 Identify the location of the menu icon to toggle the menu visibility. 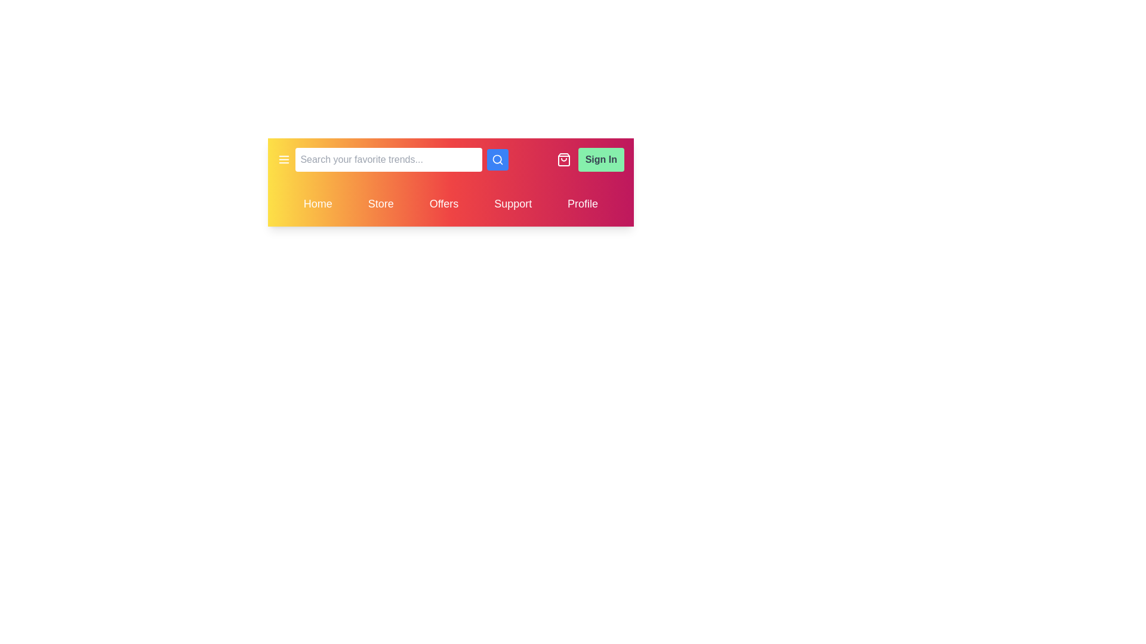
(283, 159).